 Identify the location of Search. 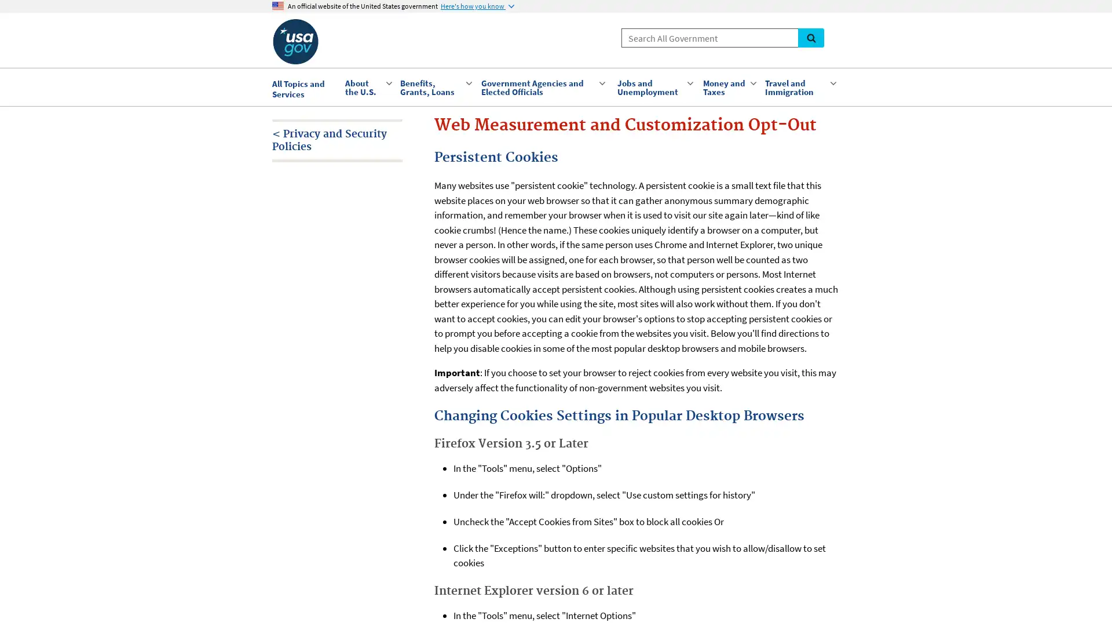
(810, 37).